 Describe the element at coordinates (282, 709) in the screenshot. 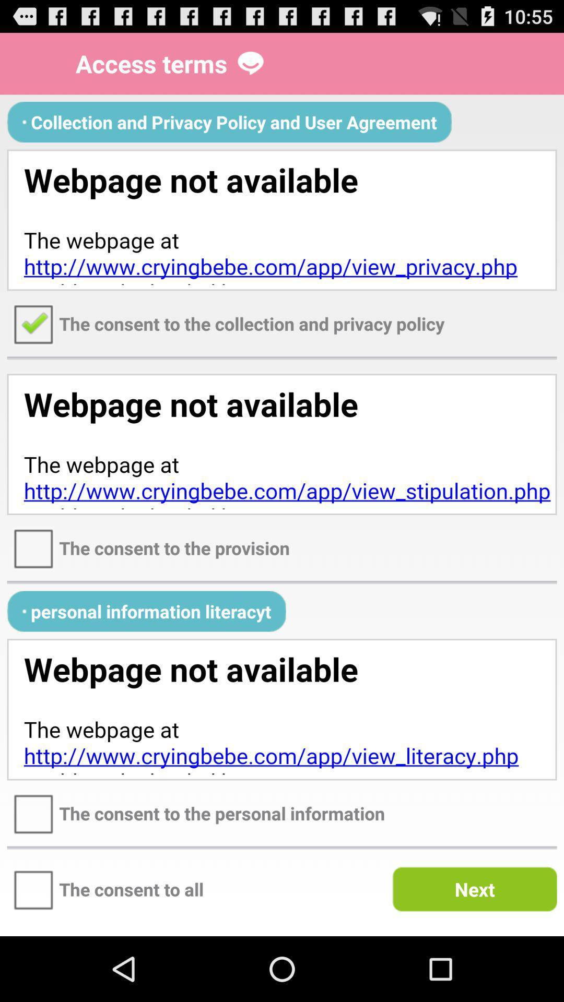

I see `result option` at that location.